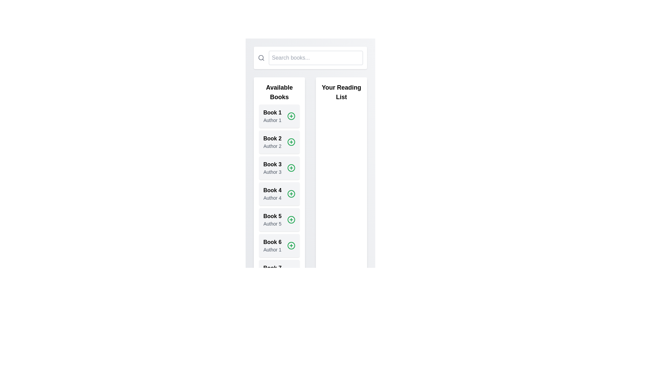  Describe the element at coordinates (272, 242) in the screenshot. I see `the bold text label 'Book 6'` at that location.